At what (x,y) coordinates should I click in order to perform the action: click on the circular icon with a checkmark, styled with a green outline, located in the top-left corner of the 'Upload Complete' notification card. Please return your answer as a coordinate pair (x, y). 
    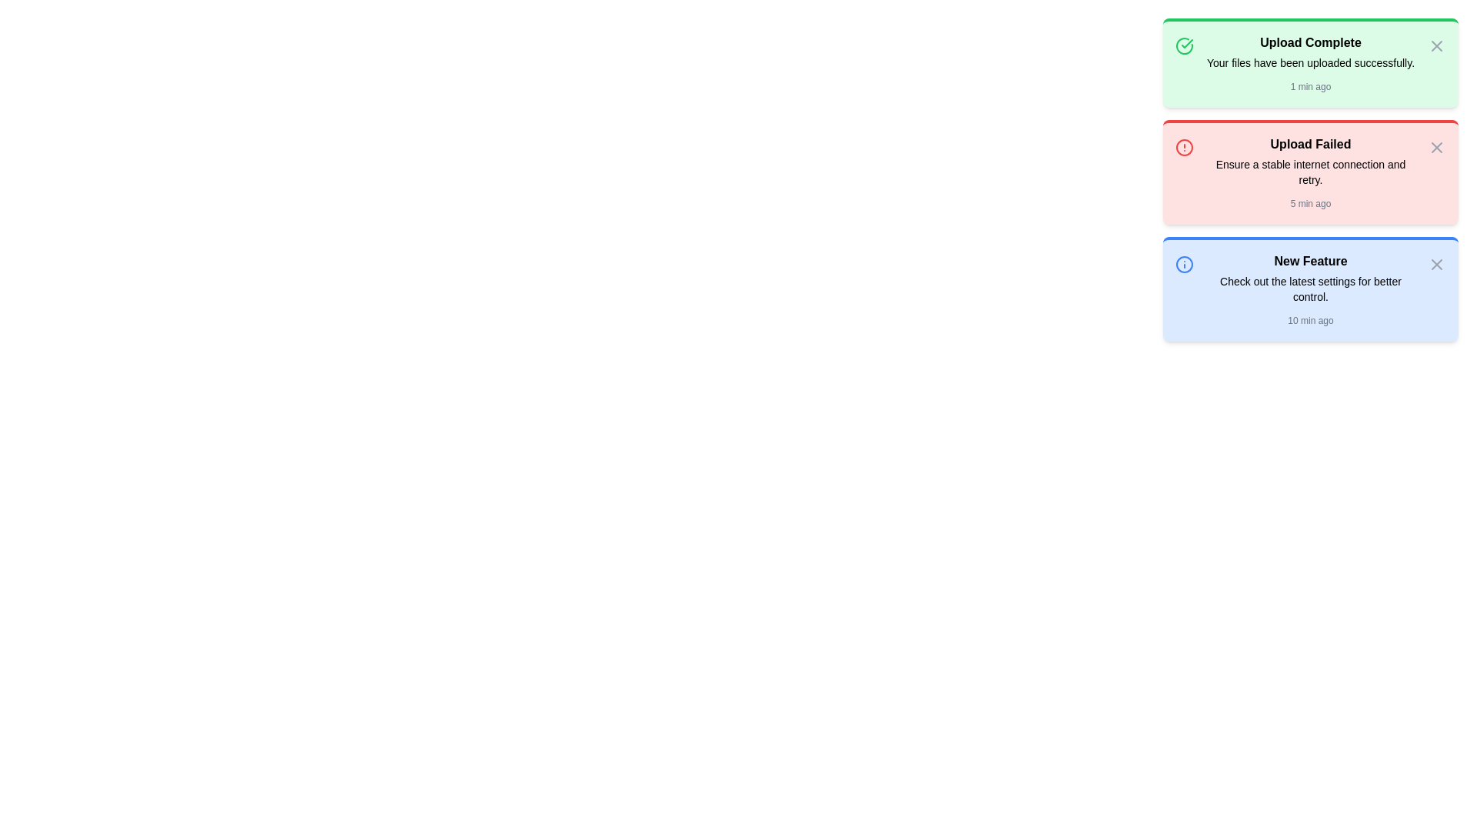
    Looking at the image, I should click on (1184, 45).